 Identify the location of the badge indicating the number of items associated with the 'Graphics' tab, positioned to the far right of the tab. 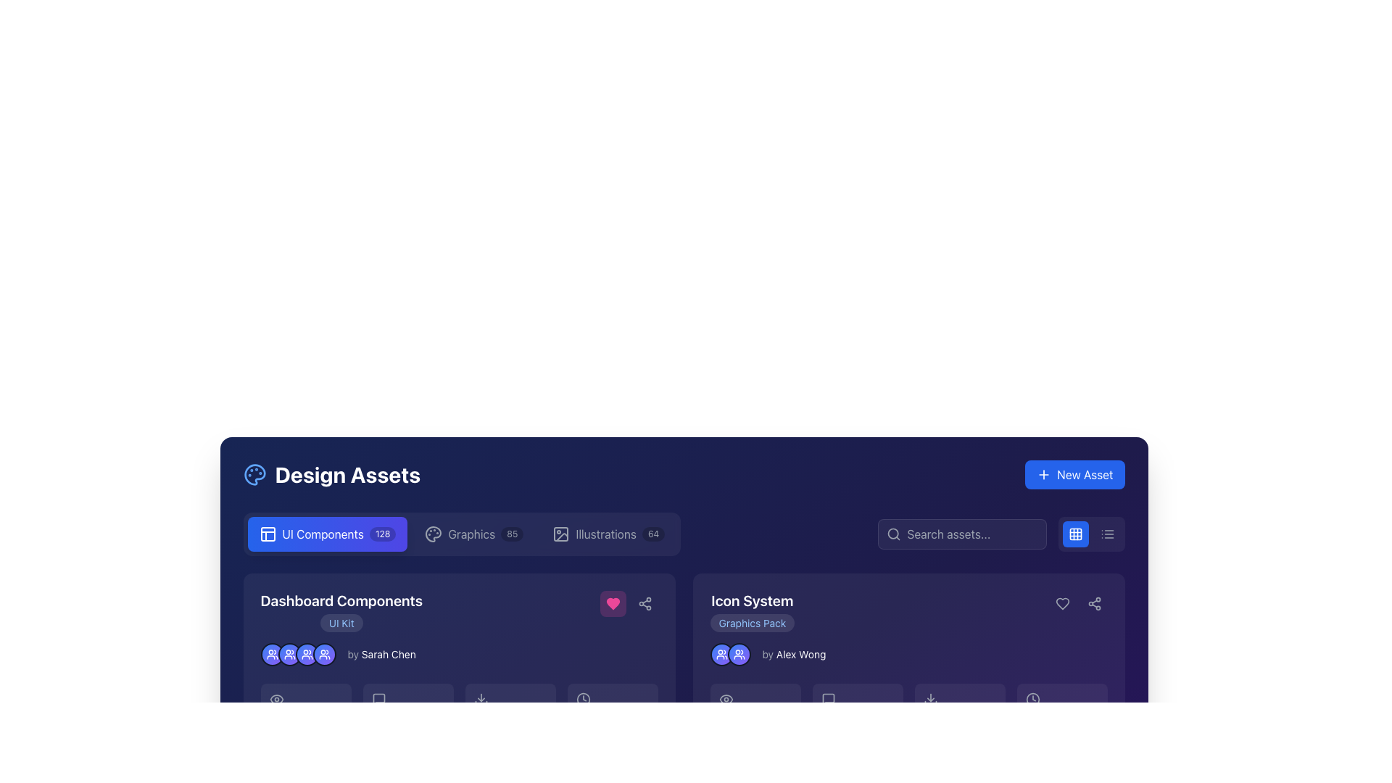
(512, 534).